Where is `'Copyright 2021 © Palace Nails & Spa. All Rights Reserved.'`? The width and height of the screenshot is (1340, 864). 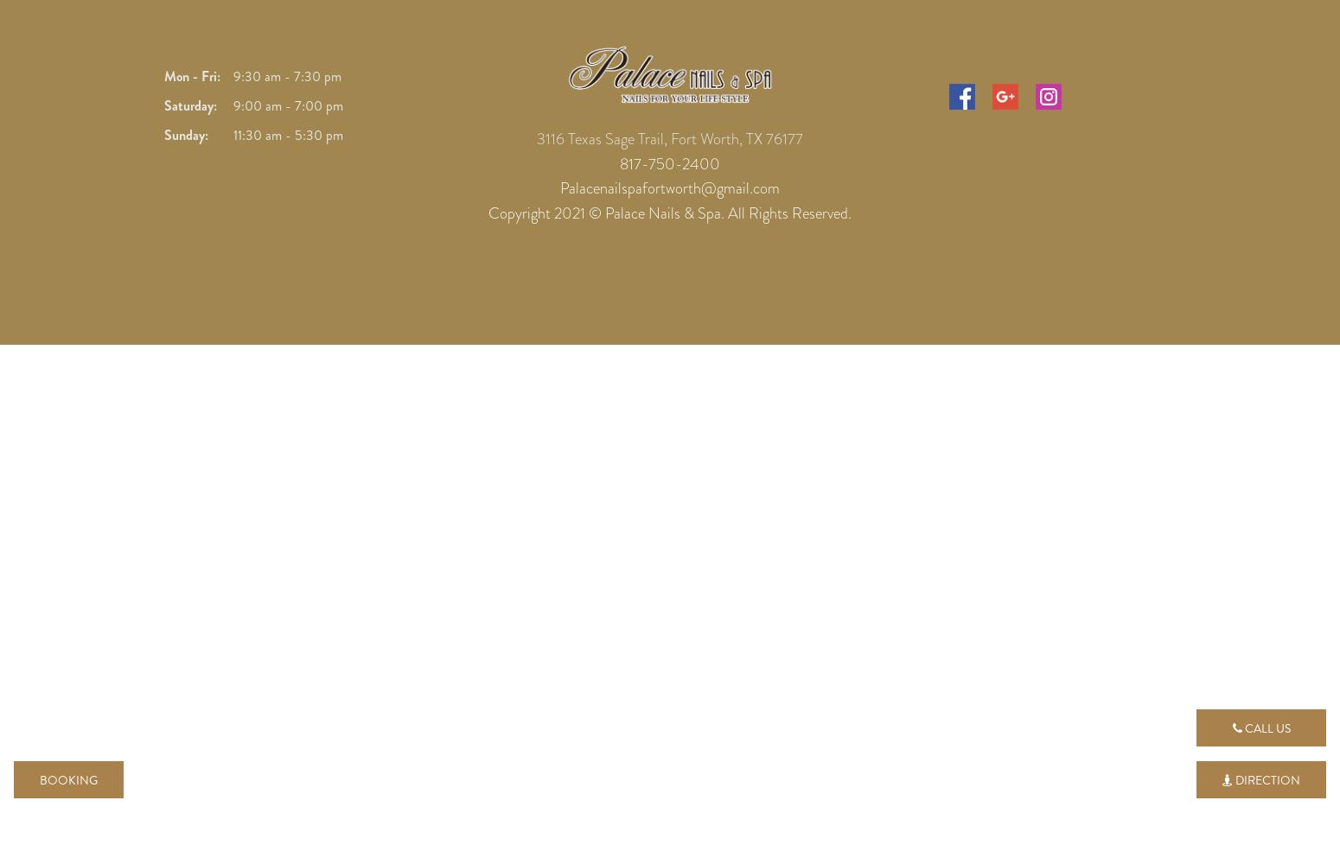
'Copyright 2021 © Palace Nails & Spa. All Rights Reserved.' is located at coordinates (670, 213).